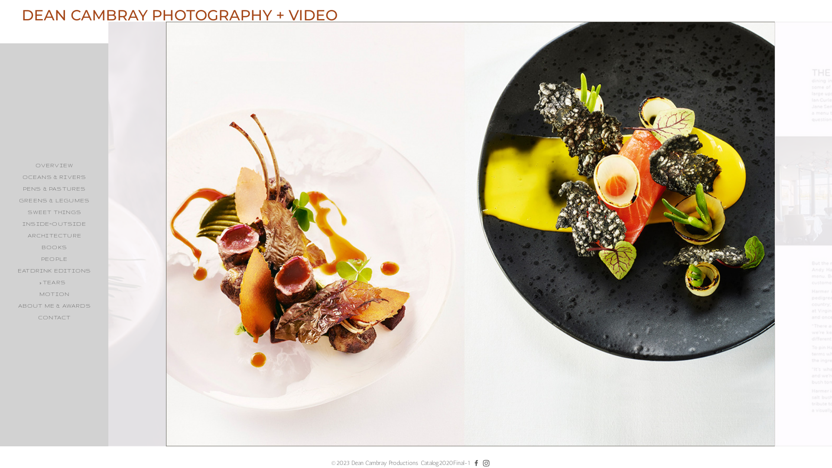  Describe the element at coordinates (23, 223) in the screenshot. I see `'INSIDE~OUTSIDE'` at that location.